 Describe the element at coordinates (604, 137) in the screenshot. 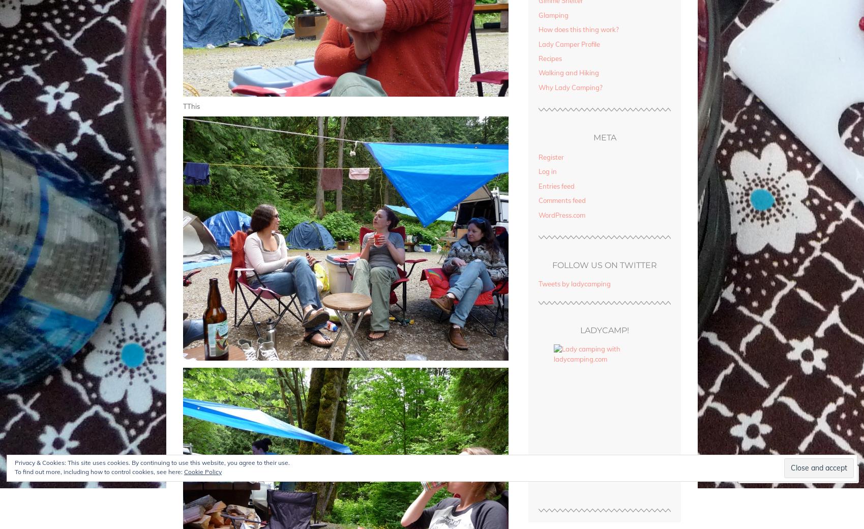

I see `'Meta'` at that location.